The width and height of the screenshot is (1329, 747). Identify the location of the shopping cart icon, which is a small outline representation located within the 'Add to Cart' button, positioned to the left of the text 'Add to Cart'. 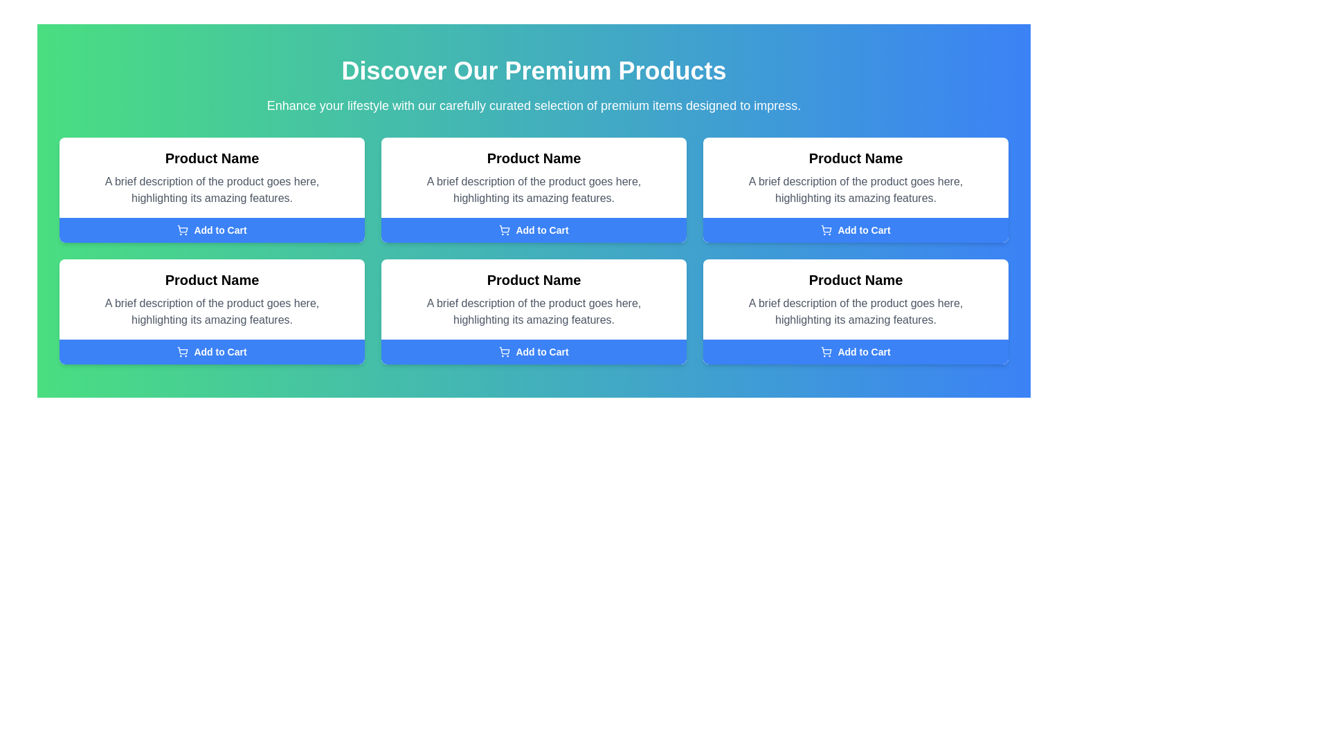
(826, 351).